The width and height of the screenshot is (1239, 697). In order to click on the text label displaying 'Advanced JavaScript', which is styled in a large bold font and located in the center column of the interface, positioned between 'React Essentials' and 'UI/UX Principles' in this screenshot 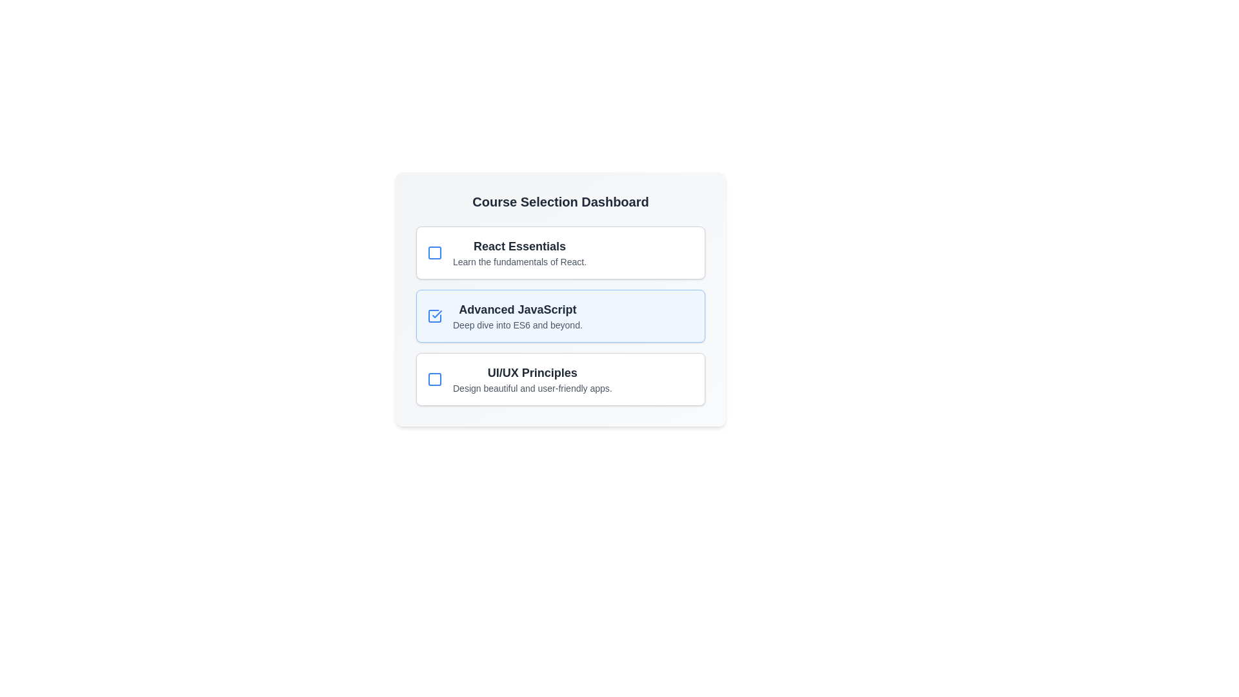, I will do `click(518, 309)`.